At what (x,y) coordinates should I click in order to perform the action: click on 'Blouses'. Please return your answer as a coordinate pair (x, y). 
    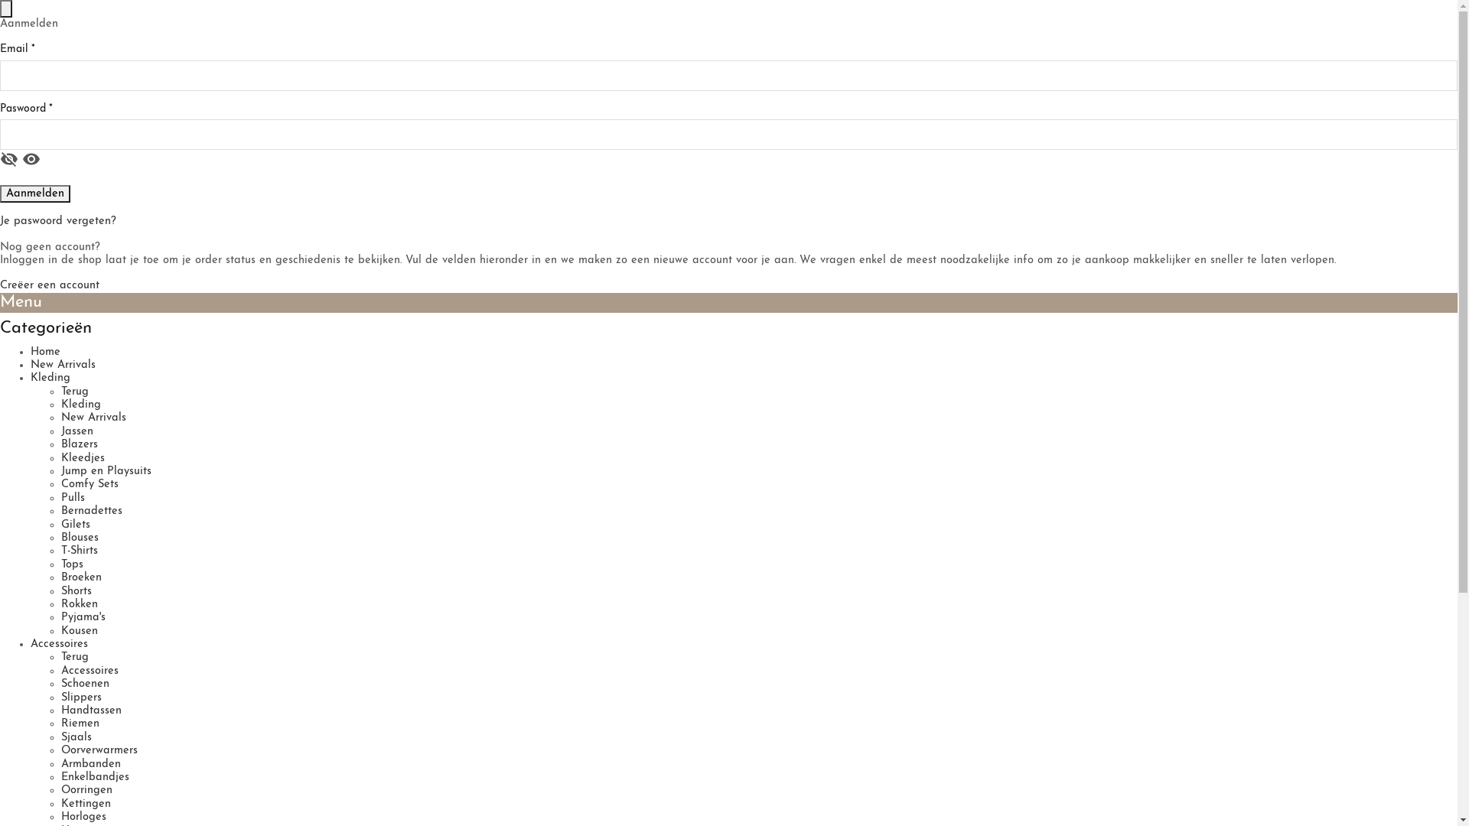
    Looking at the image, I should click on (79, 537).